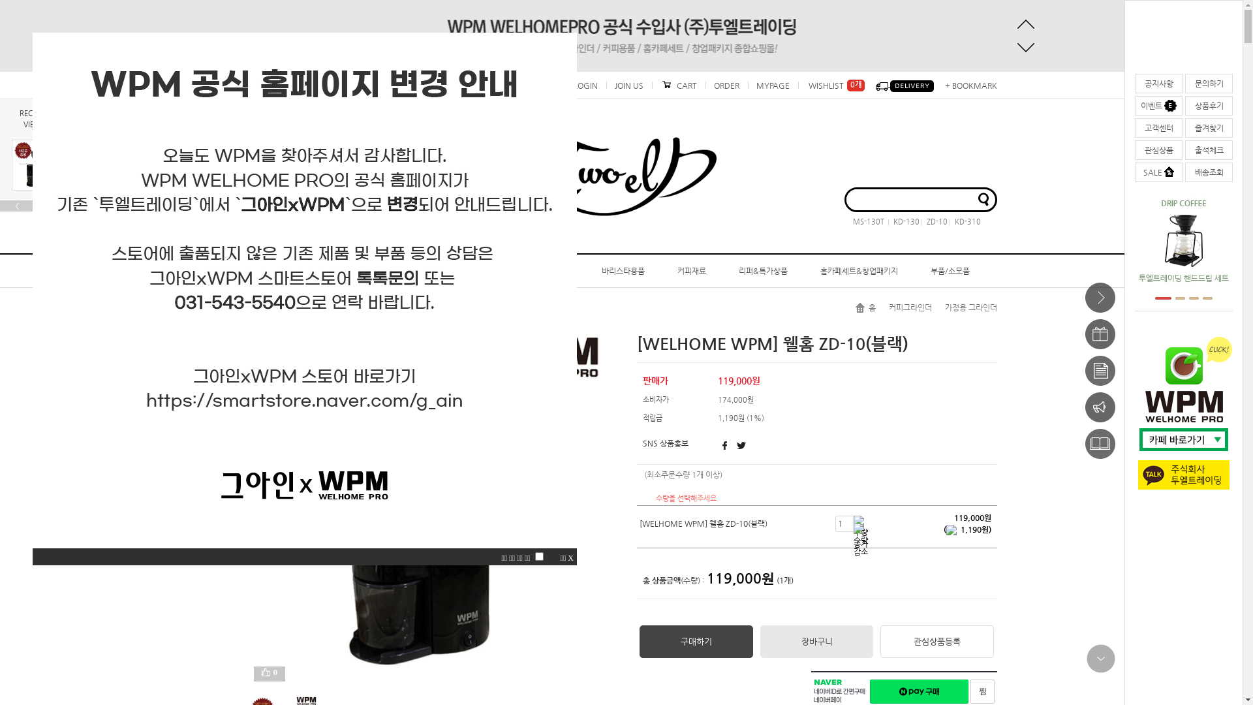  What do you see at coordinates (965, 221) in the screenshot?
I see `'KD-310'` at bounding box center [965, 221].